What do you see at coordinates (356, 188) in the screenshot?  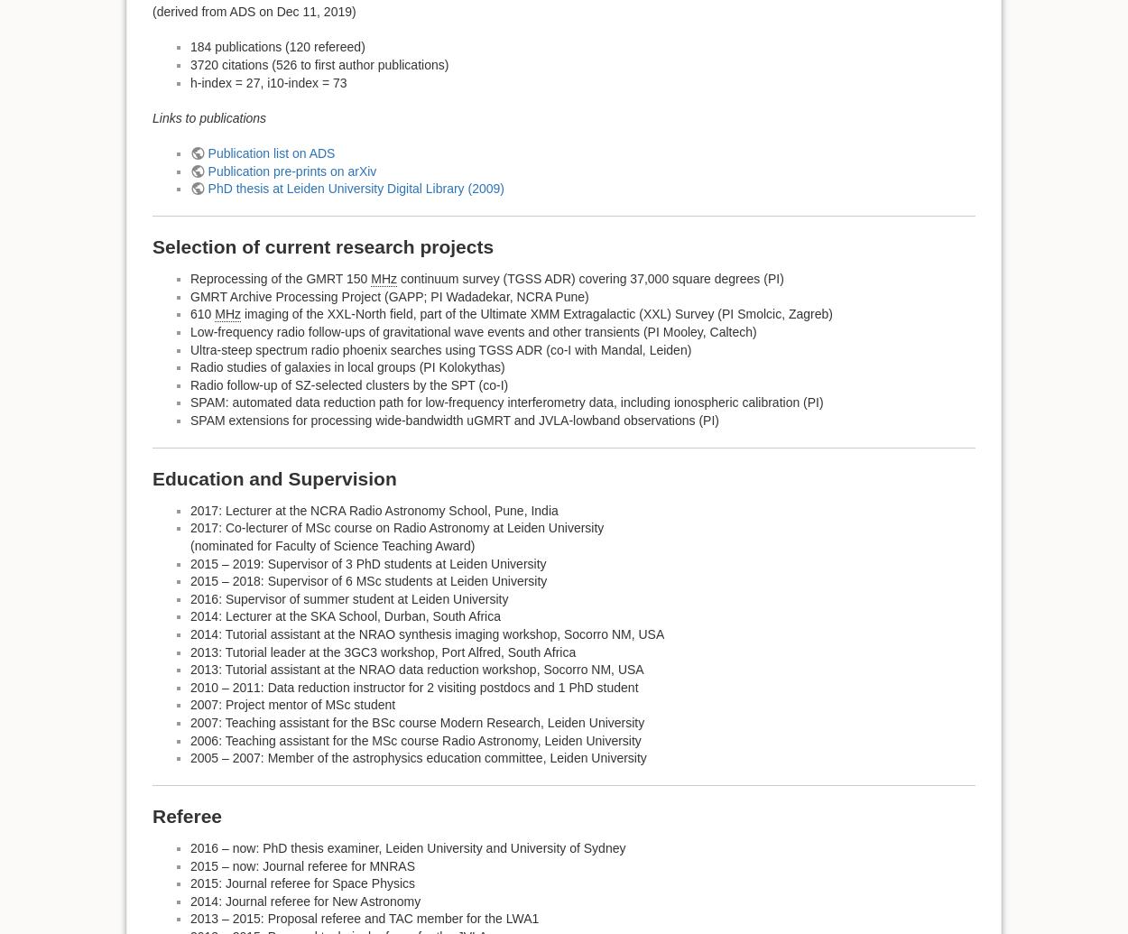 I see `'PhD thesis at Leiden University Digital Library (2009)'` at bounding box center [356, 188].